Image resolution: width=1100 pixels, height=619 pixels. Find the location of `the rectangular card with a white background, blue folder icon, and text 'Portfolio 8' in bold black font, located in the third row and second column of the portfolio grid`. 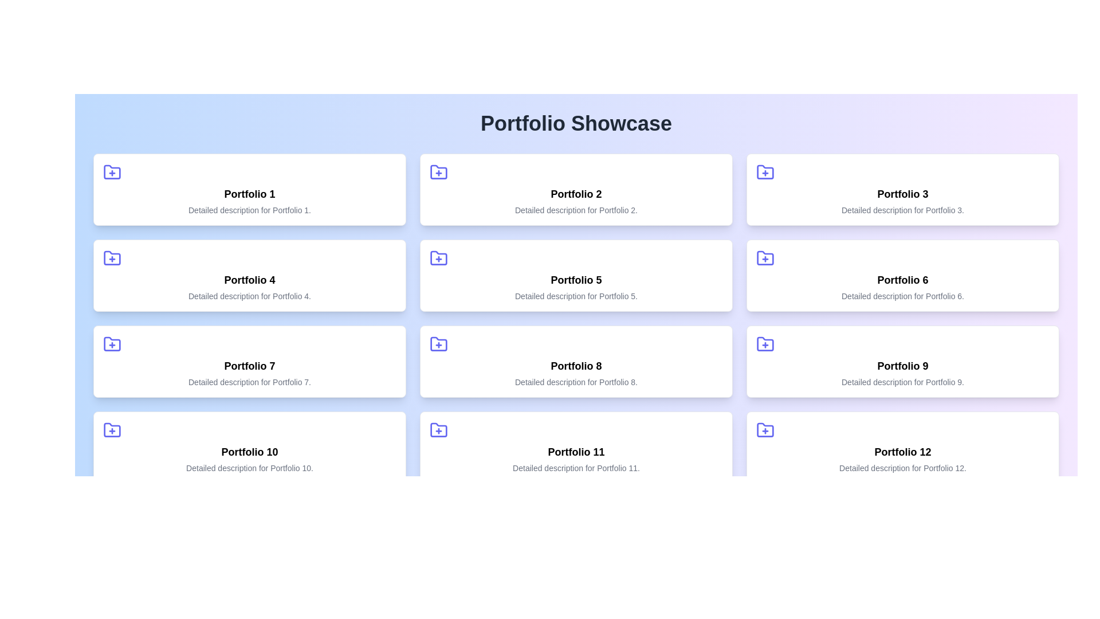

the rectangular card with a white background, blue folder icon, and text 'Portfolio 8' in bold black font, located in the third row and second column of the portfolio grid is located at coordinates (576, 362).